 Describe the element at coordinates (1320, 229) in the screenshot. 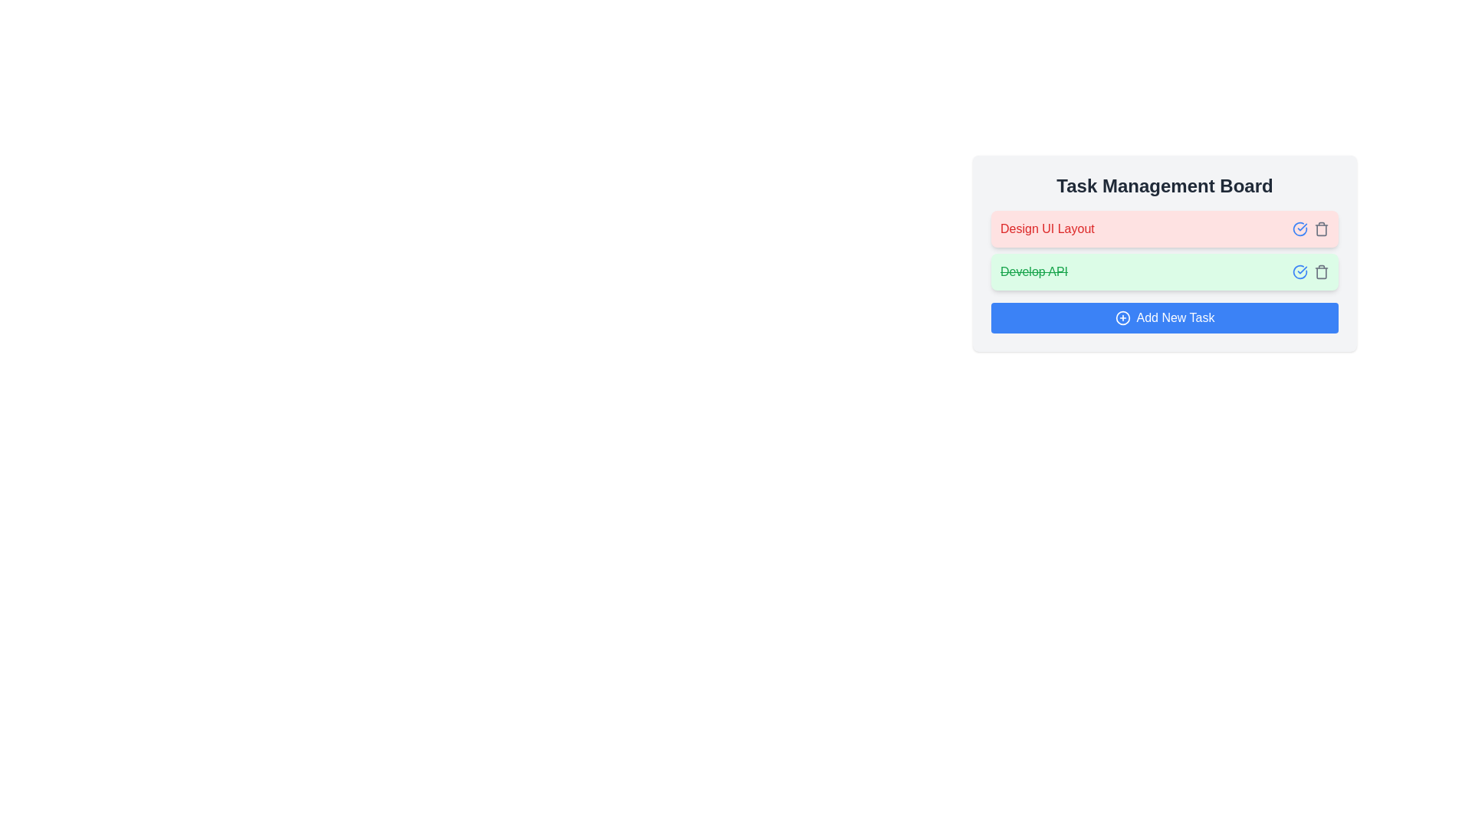

I see `the deletion button located as the second interactive icon to the right of the 'Design UI Layout' row in the 'Task Management Board'` at that location.